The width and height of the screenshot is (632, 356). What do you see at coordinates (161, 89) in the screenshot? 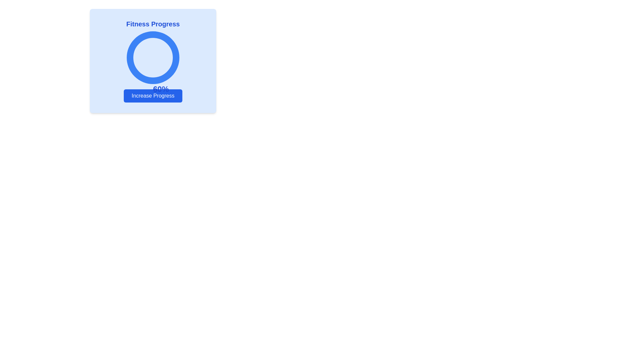
I see `the static text displaying '60%' styled with a large, bold, blue font, positioned above the 'Increase Progress' button and below the circular progress bar` at bounding box center [161, 89].